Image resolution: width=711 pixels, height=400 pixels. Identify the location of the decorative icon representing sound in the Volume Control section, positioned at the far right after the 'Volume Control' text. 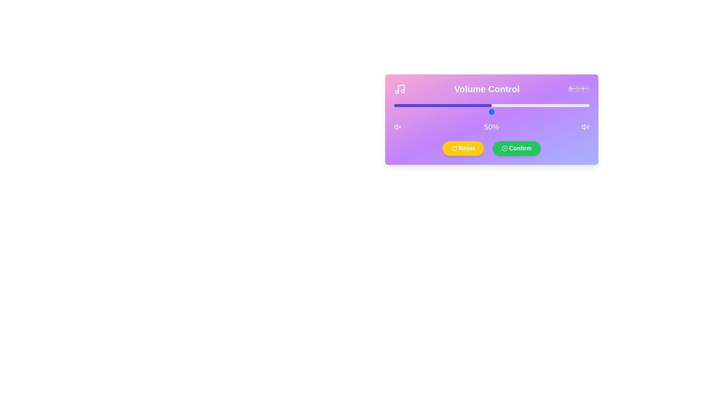
(578, 89).